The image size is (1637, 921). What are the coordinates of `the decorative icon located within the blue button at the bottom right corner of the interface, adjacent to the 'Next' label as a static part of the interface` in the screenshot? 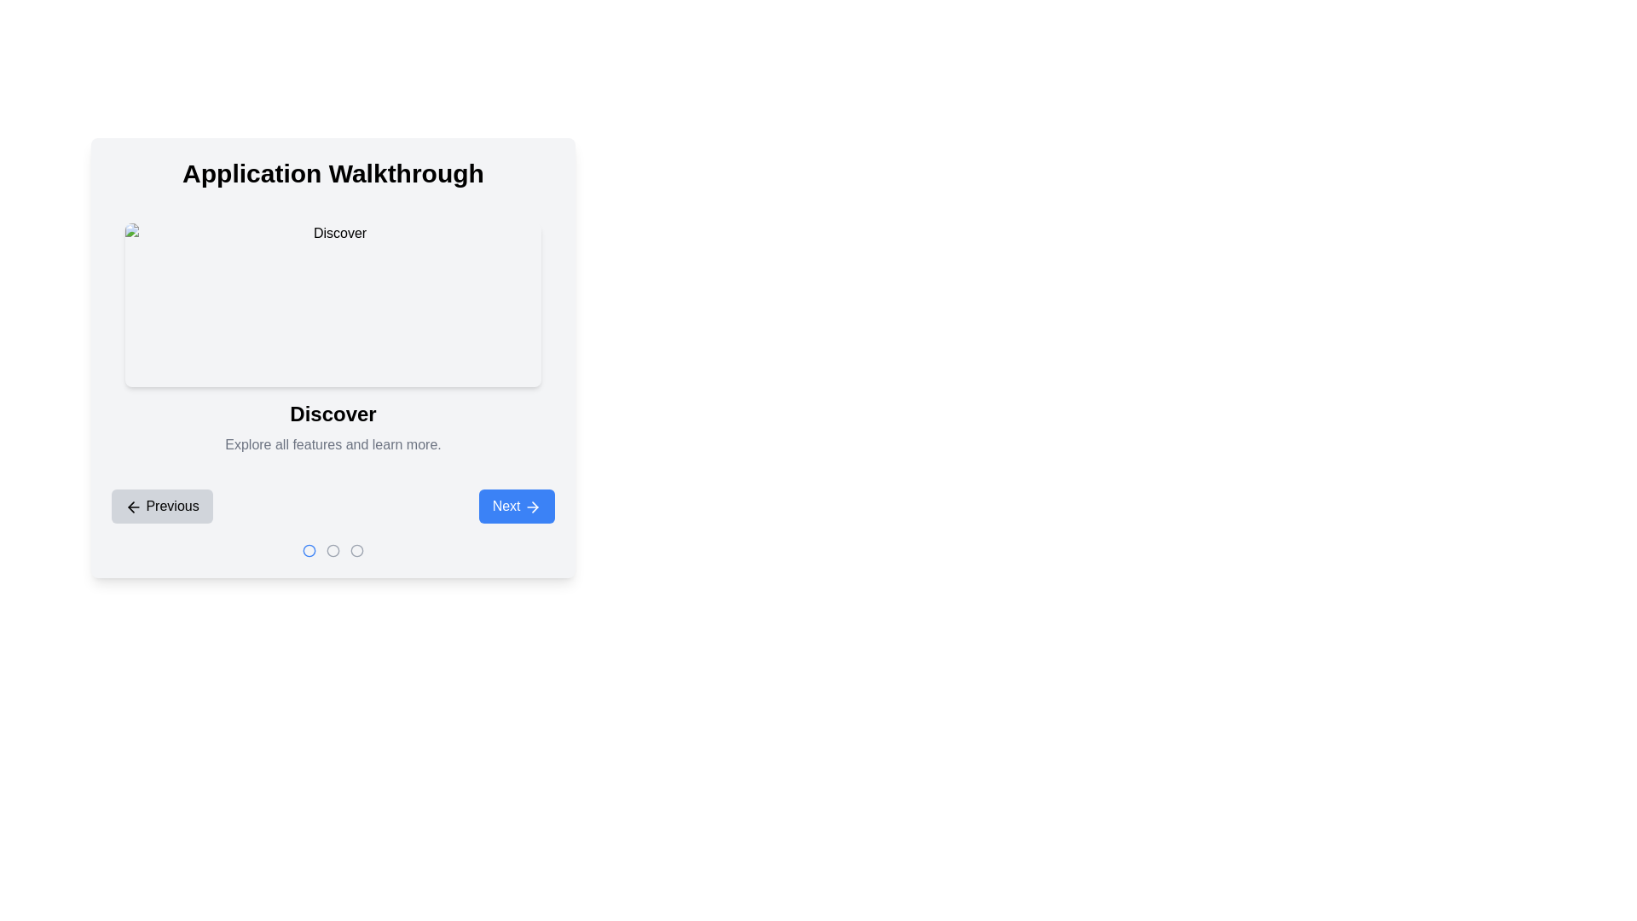 It's located at (531, 506).